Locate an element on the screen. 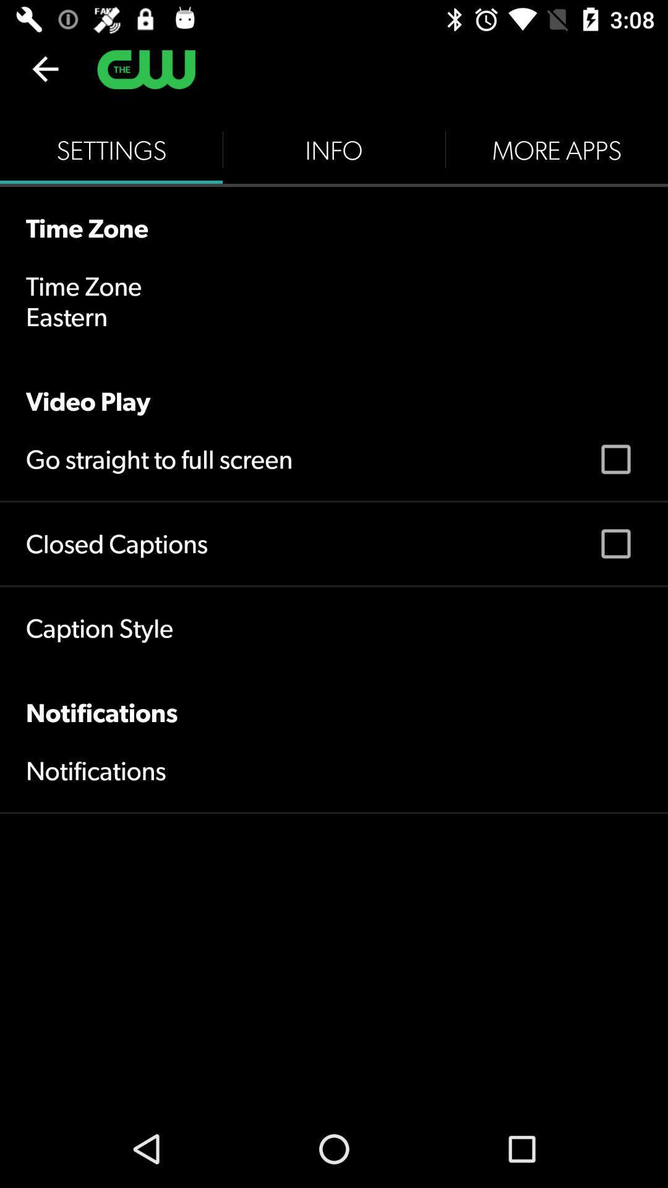  the video play icon is located at coordinates (334, 387).